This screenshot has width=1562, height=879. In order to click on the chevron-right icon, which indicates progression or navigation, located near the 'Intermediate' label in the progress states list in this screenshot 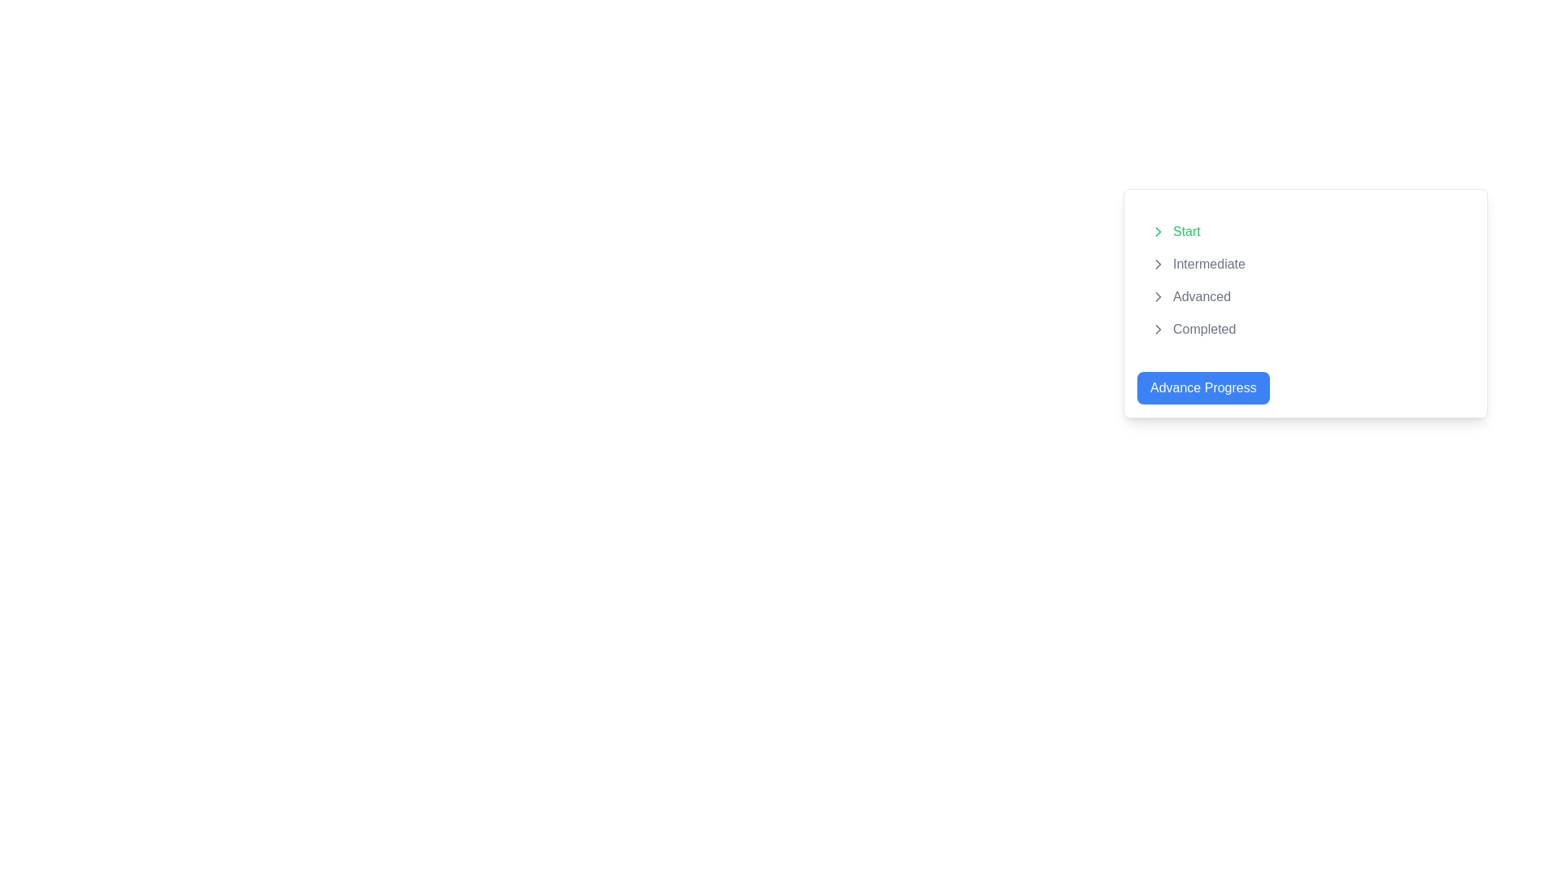, I will do `click(1158, 263)`.